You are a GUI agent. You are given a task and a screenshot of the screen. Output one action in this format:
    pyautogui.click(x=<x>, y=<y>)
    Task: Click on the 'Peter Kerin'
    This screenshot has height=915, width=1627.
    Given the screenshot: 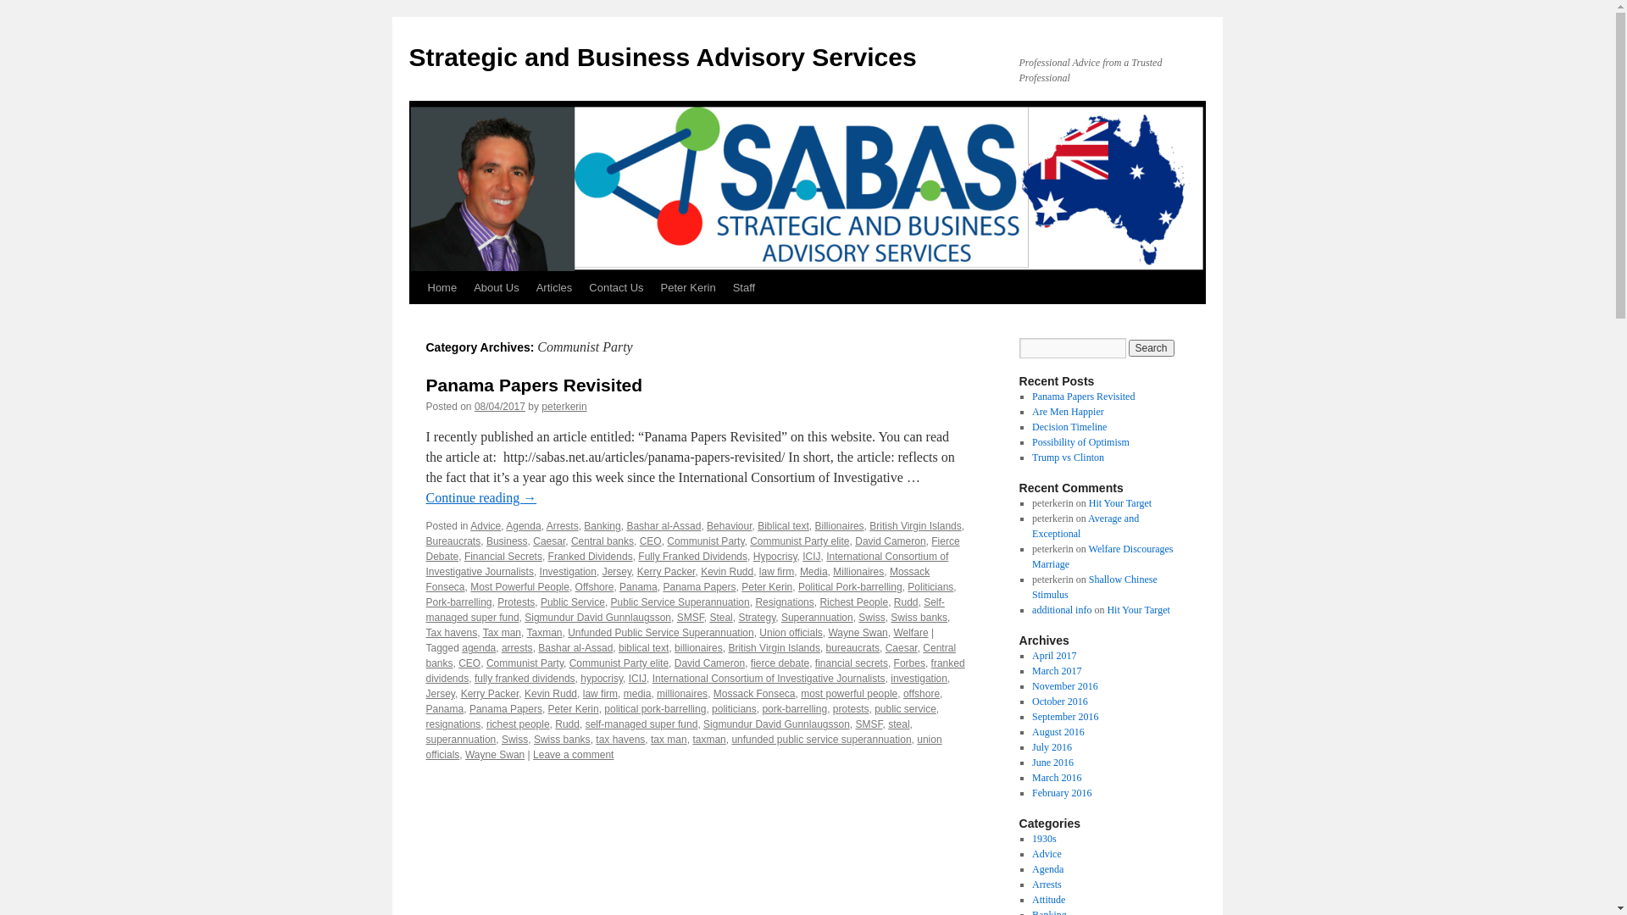 What is the action you would take?
    pyautogui.click(x=688, y=286)
    